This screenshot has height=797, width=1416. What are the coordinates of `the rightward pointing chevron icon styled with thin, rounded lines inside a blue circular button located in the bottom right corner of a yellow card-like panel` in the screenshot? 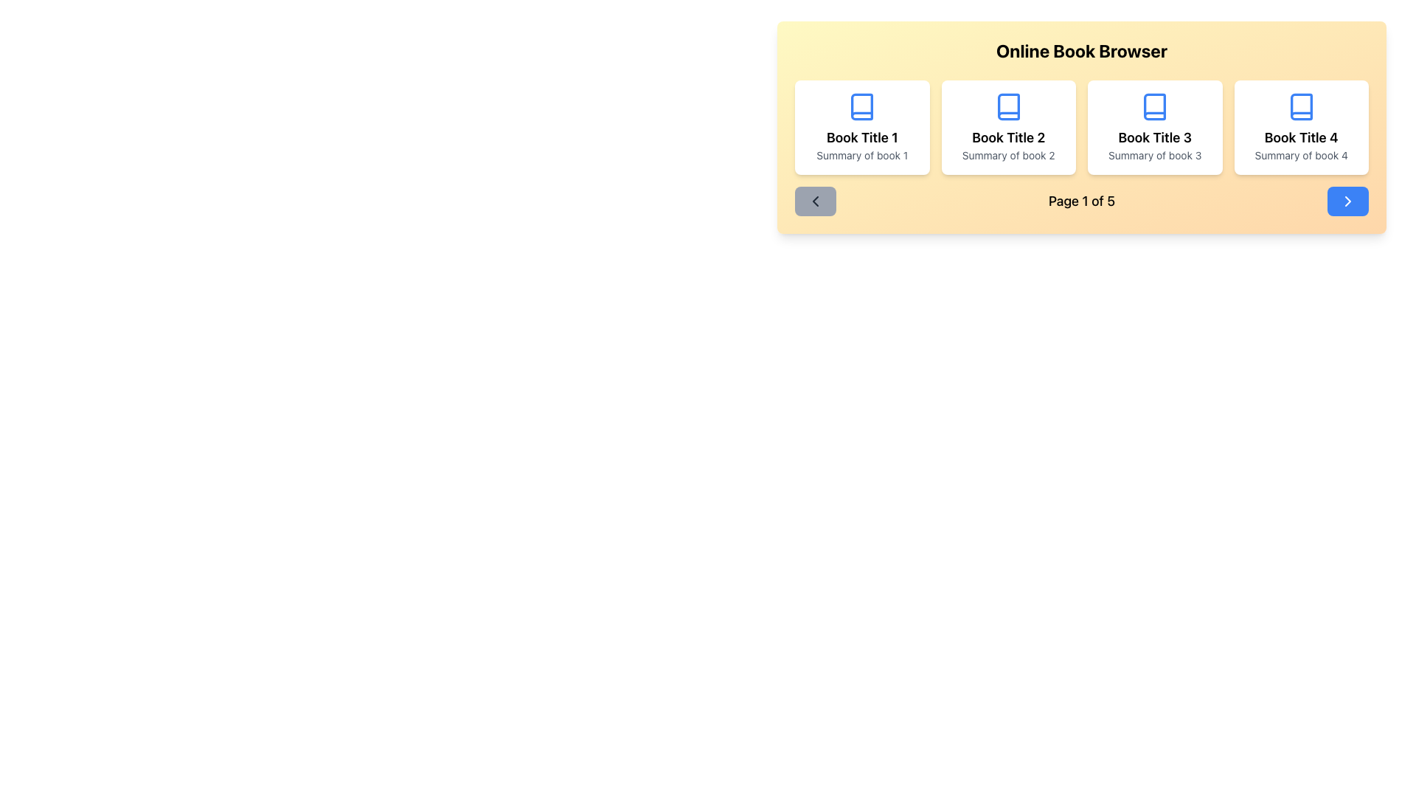 It's located at (1348, 201).